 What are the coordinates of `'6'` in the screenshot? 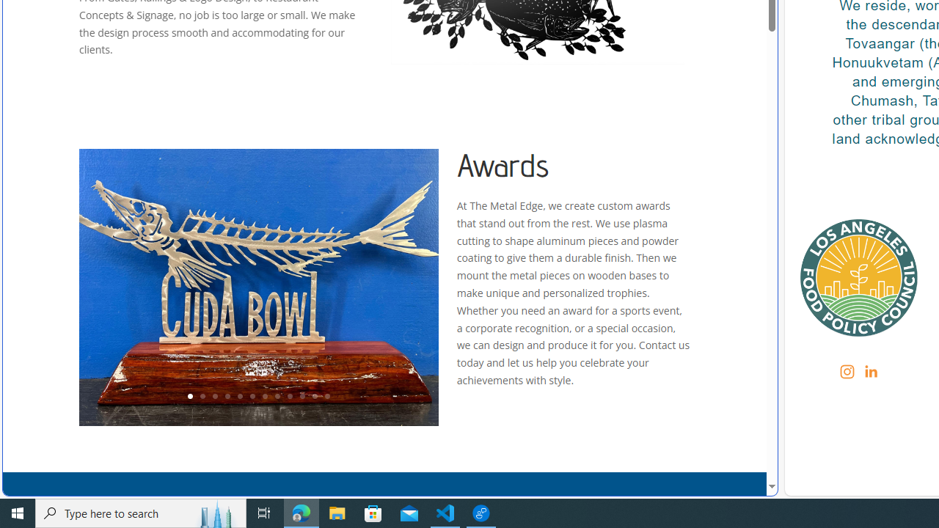 It's located at (252, 397).